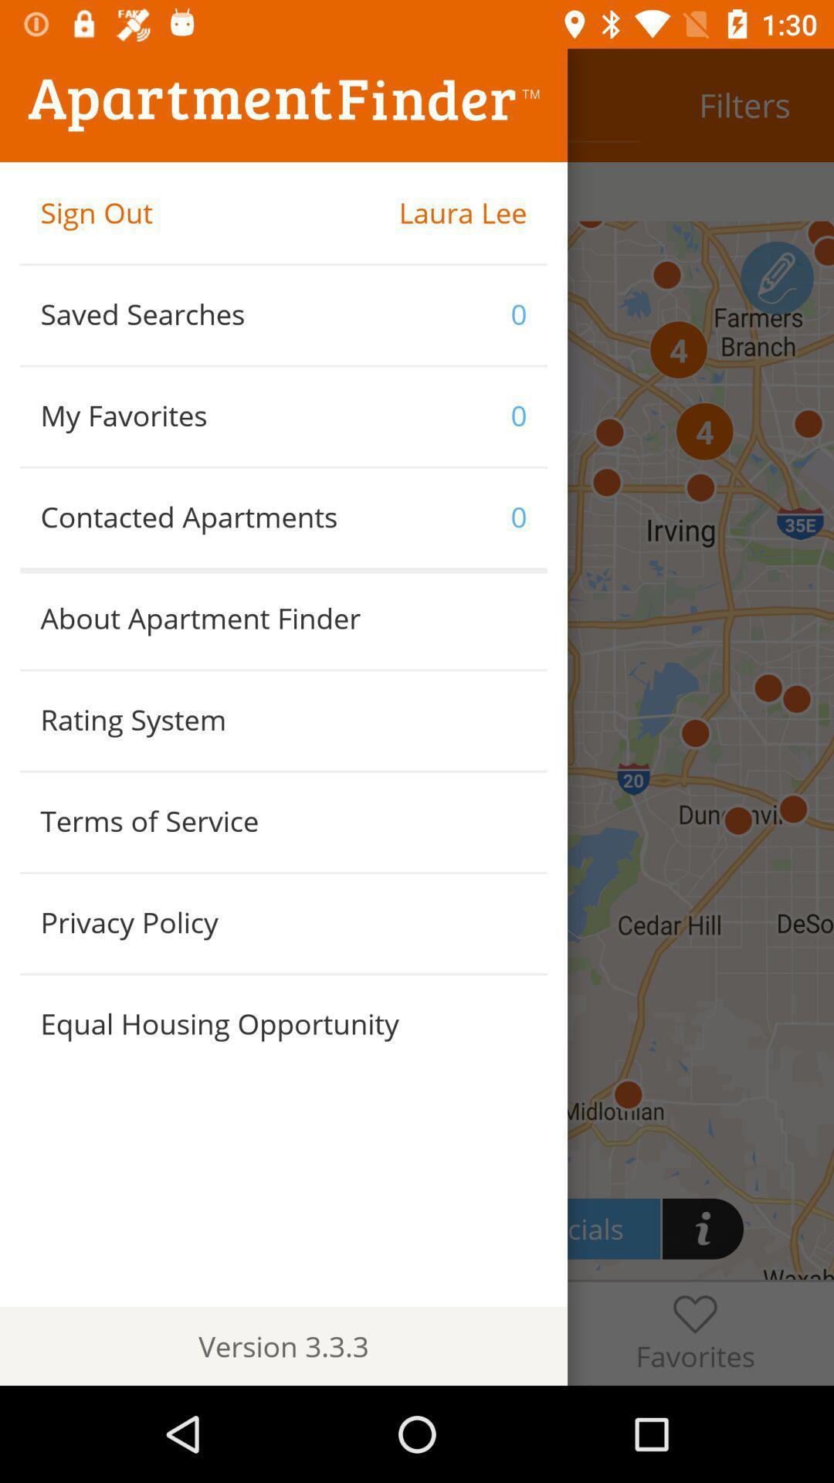 The height and width of the screenshot is (1483, 834). I want to click on the edit icon, so click(777, 278).